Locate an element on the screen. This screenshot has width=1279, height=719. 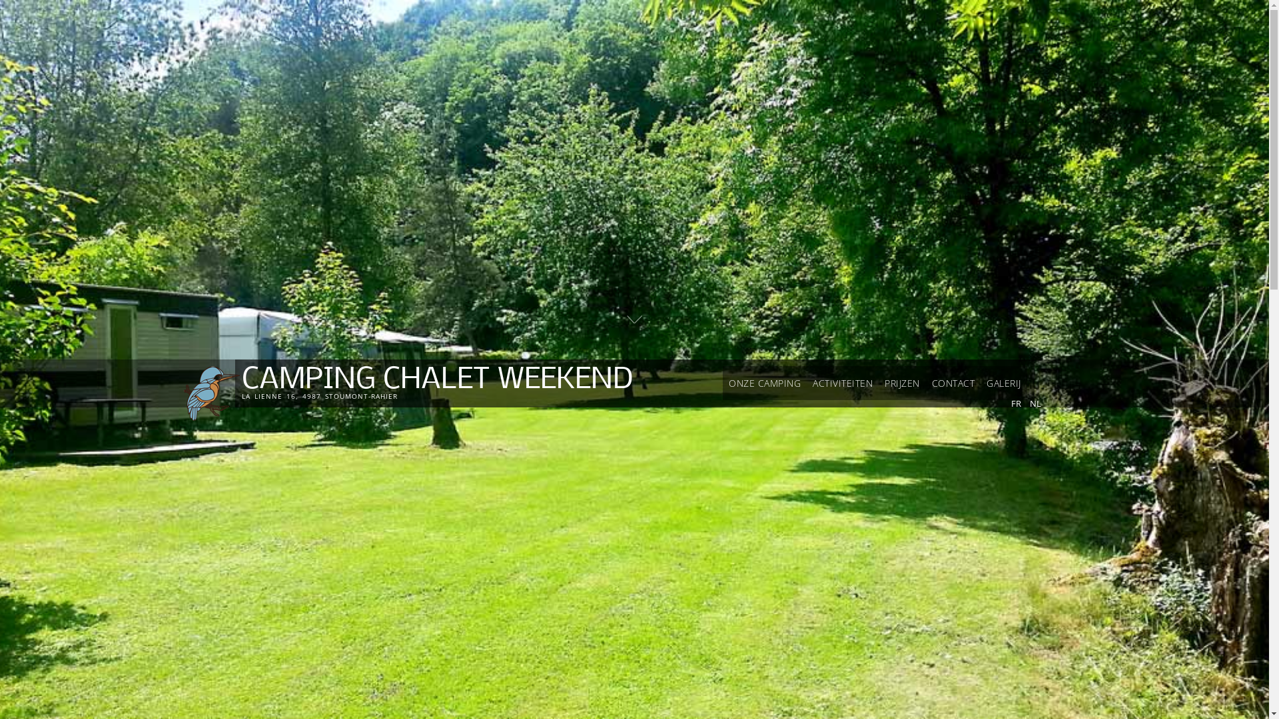
'ACTIVITEITEN' is located at coordinates (805, 383).